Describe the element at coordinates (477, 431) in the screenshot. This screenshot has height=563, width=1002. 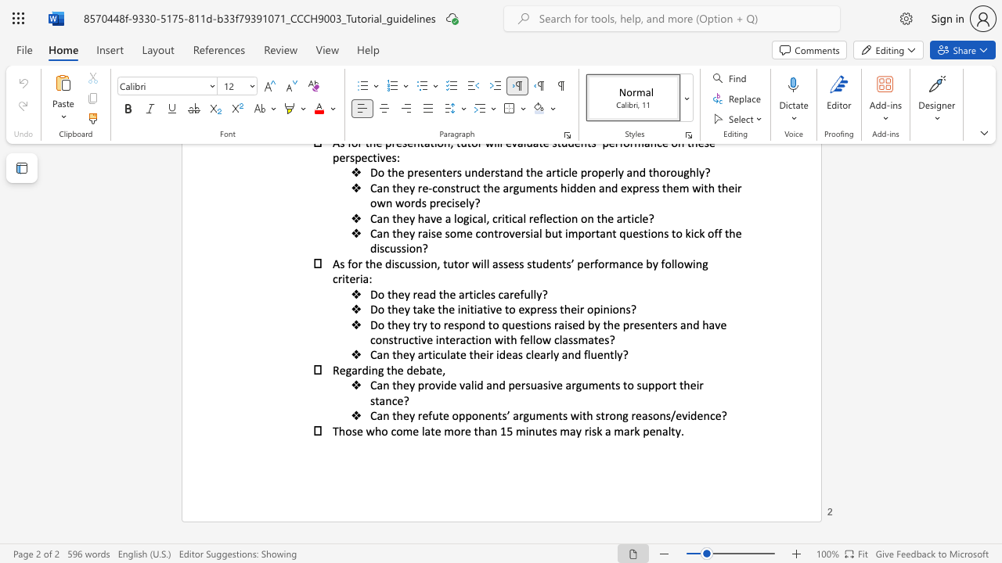
I see `the subset text "han 15 minutes may risk a" within the text "Those who come late more than 15 minutes may risk a mark penalty."` at that location.